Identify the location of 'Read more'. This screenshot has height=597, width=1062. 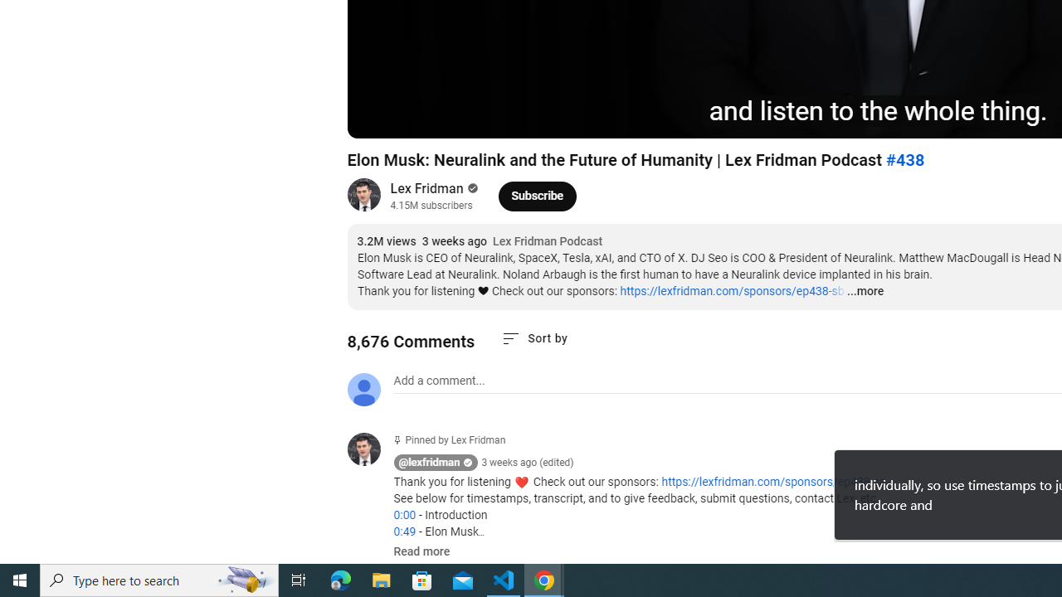
(421, 552).